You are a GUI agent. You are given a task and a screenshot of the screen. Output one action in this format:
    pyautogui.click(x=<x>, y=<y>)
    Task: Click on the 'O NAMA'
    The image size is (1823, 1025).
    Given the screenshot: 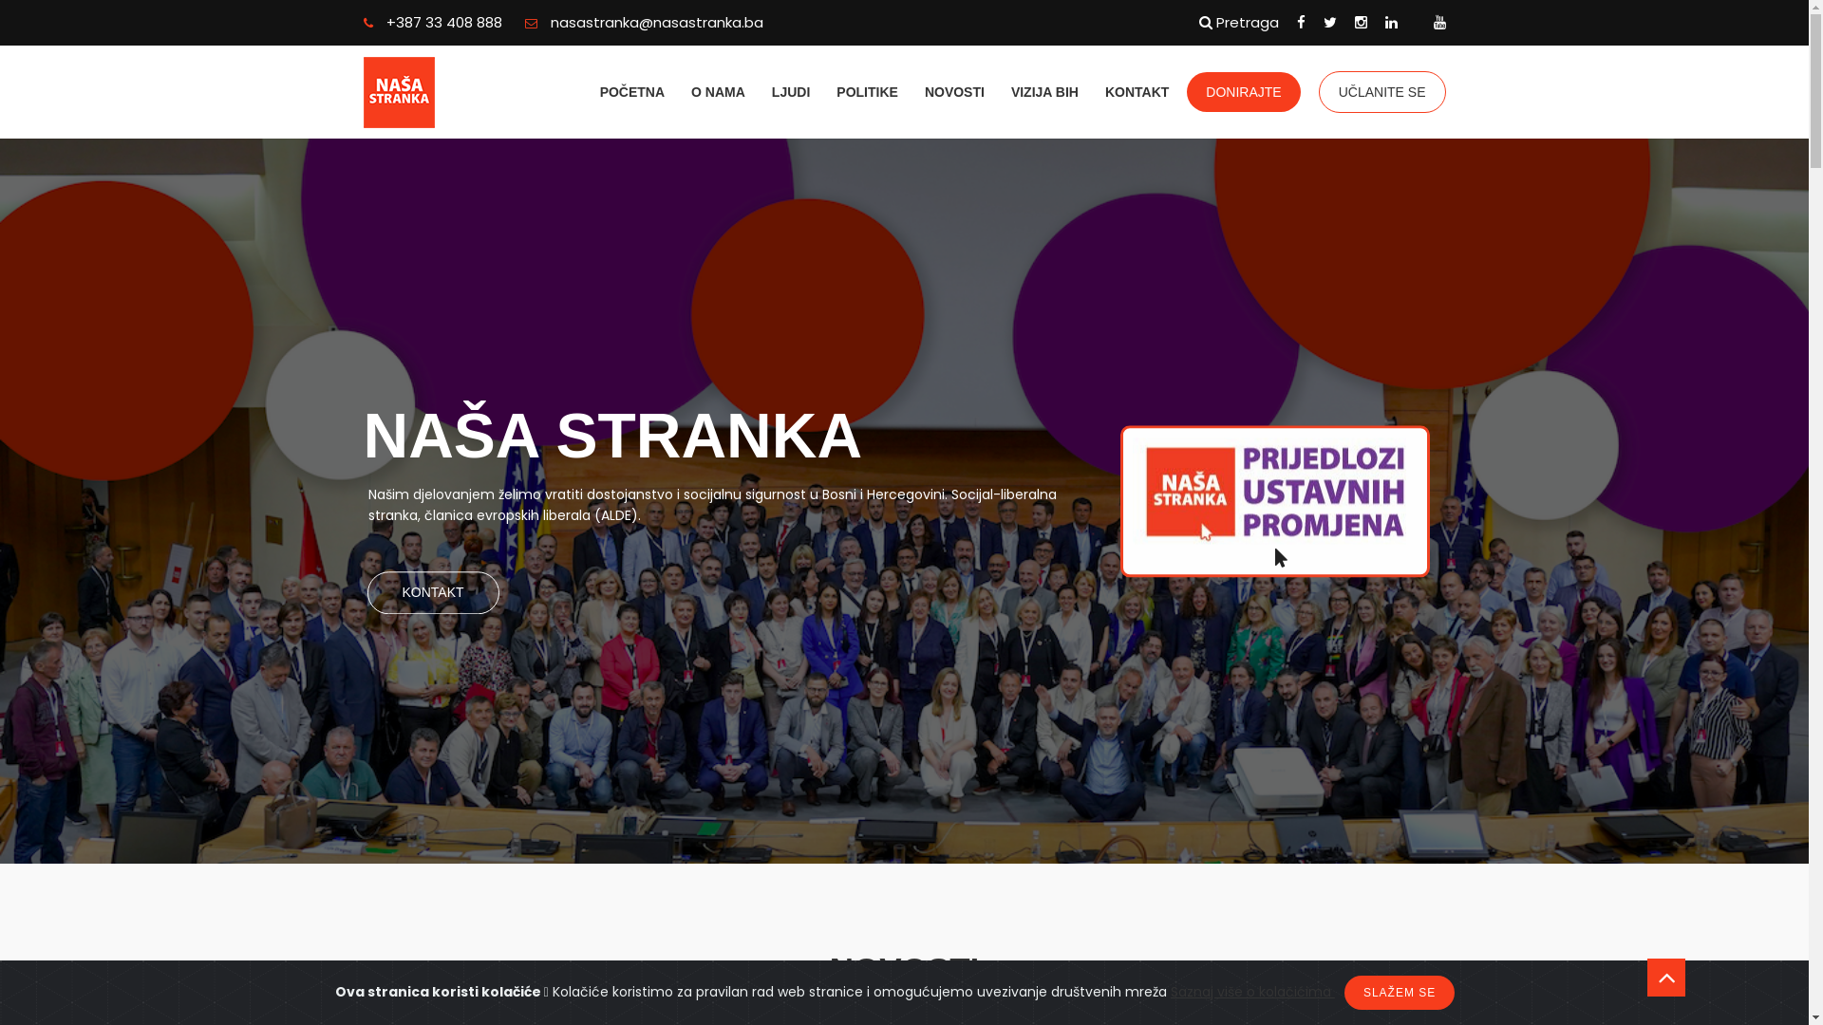 What is the action you would take?
    pyautogui.click(x=717, y=91)
    